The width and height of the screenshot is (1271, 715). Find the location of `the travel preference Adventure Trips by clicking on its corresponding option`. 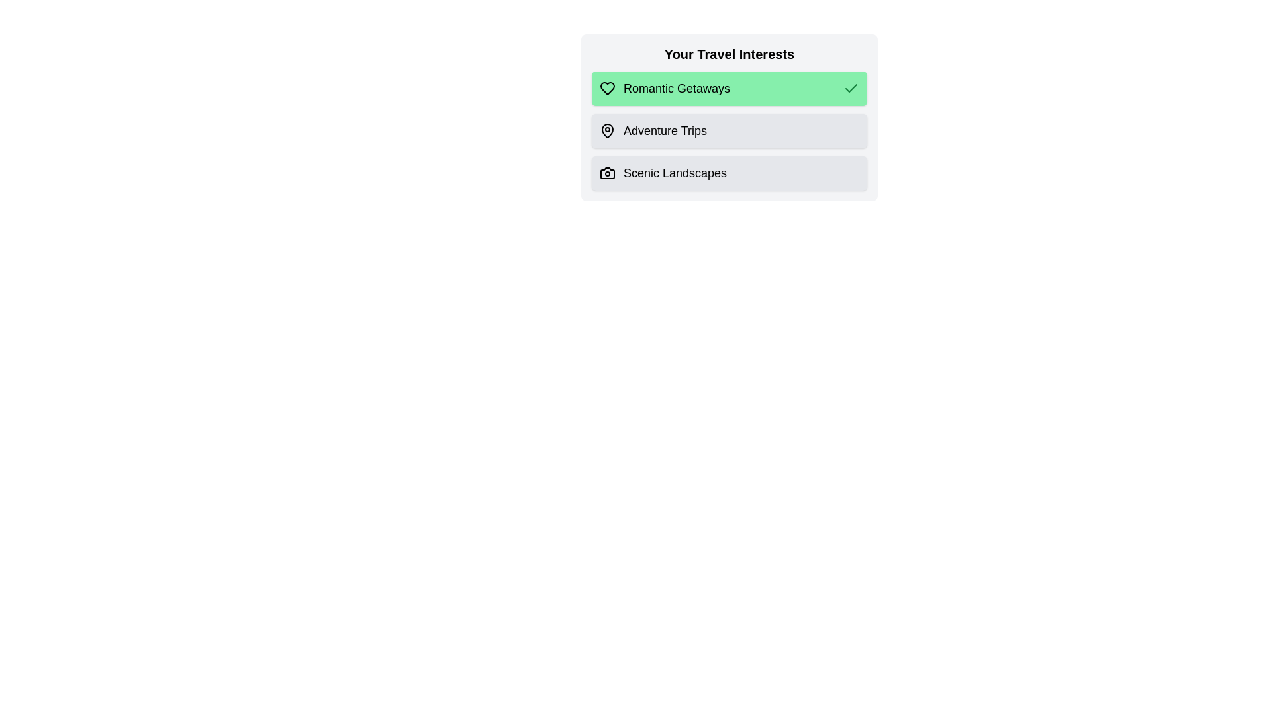

the travel preference Adventure Trips by clicking on its corresponding option is located at coordinates (729, 130).